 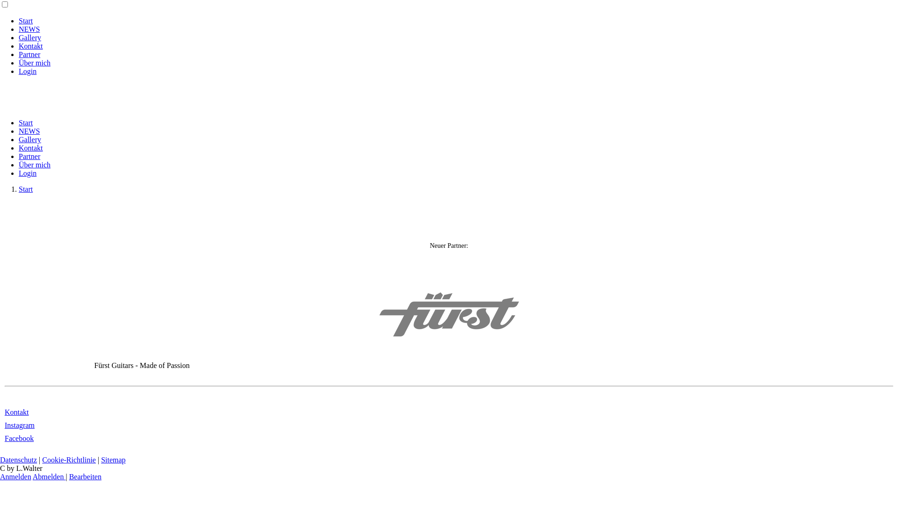 What do you see at coordinates (68, 459) in the screenshot?
I see `'Cookie-Richtlinie'` at bounding box center [68, 459].